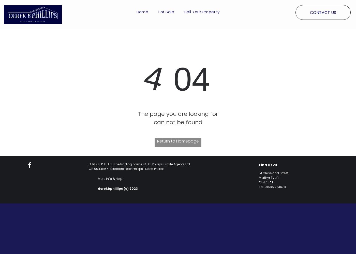 Image resolution: width=356 pixels, height=254 pixels. What do you see at coordinates (273, 173) in the screenshot?
I see `'51 Glebeland Street'` at bounding box center [273, 173].